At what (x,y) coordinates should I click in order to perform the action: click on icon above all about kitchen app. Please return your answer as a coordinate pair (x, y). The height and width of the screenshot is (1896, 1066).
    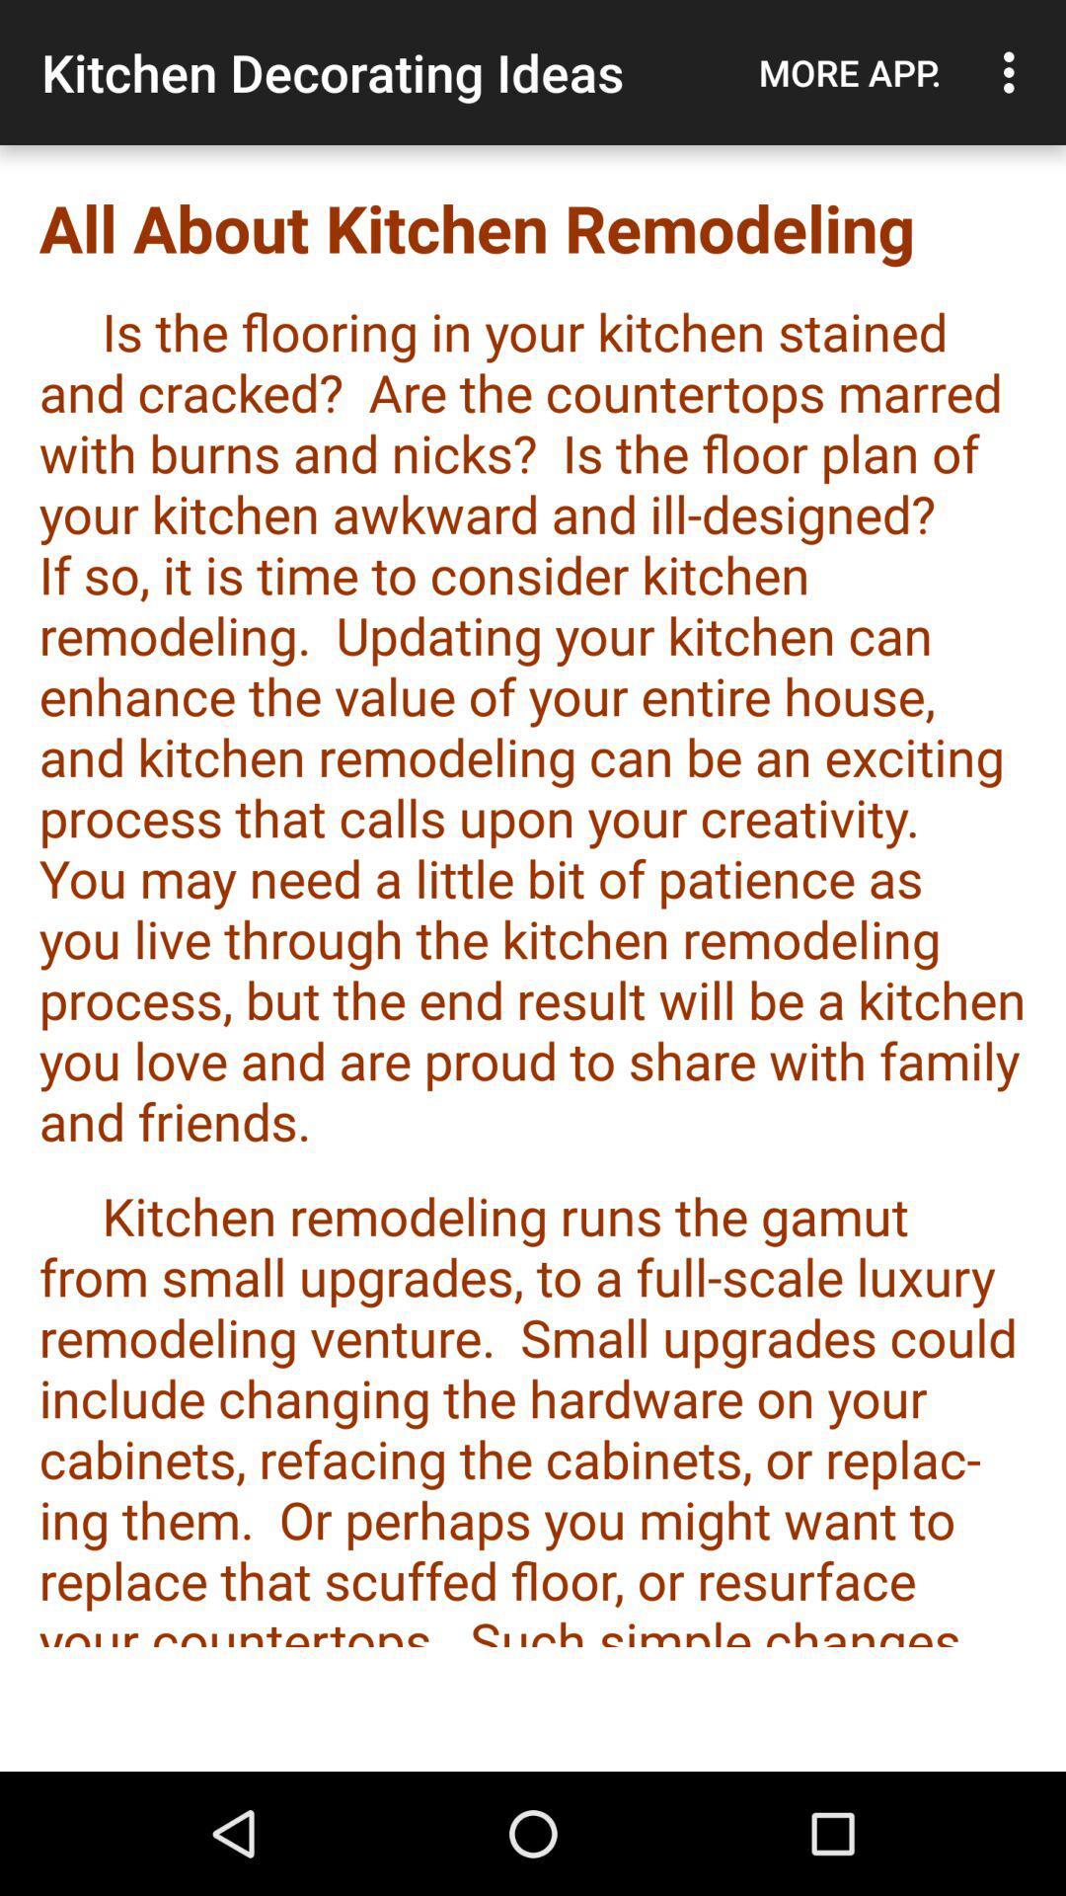
    Looking at the image, I should click on (849, 72).